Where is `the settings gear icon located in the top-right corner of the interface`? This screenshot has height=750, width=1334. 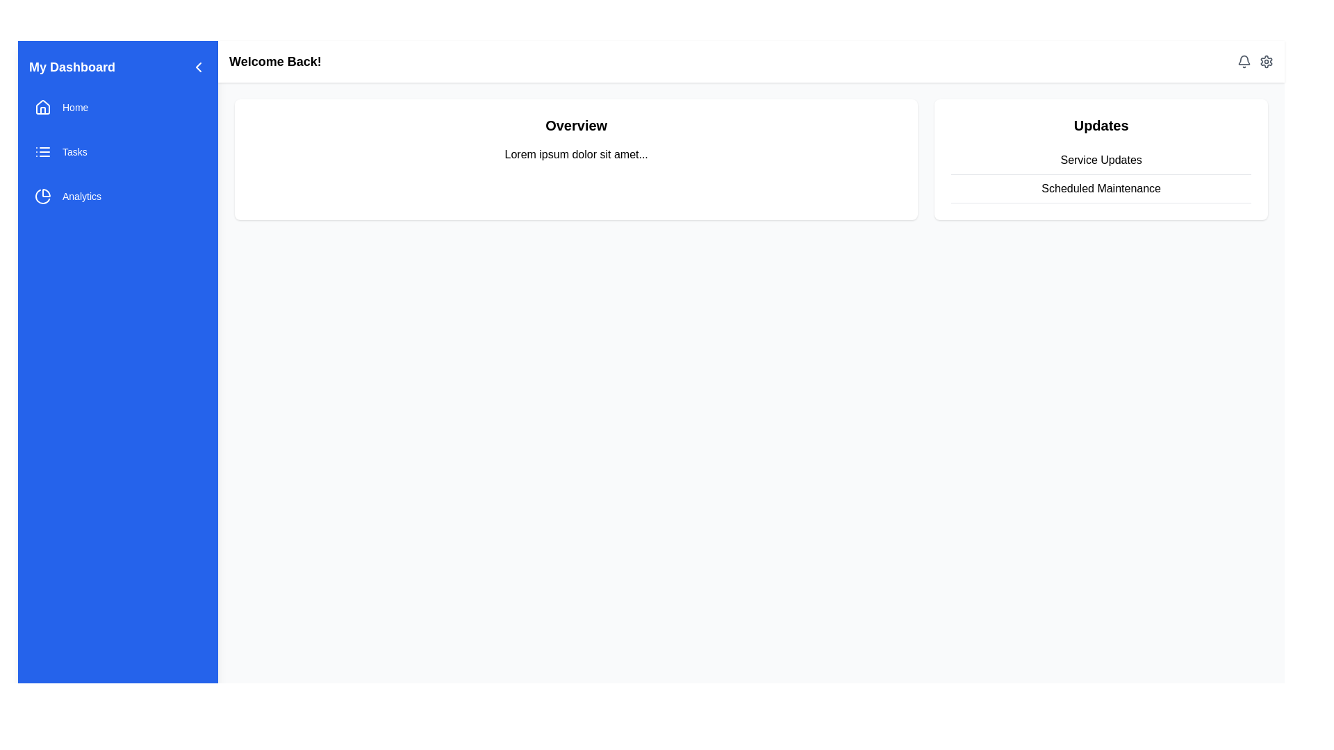
the settings gear icon located in the top-right corner of the interface is located at coordinates (1267, 60).